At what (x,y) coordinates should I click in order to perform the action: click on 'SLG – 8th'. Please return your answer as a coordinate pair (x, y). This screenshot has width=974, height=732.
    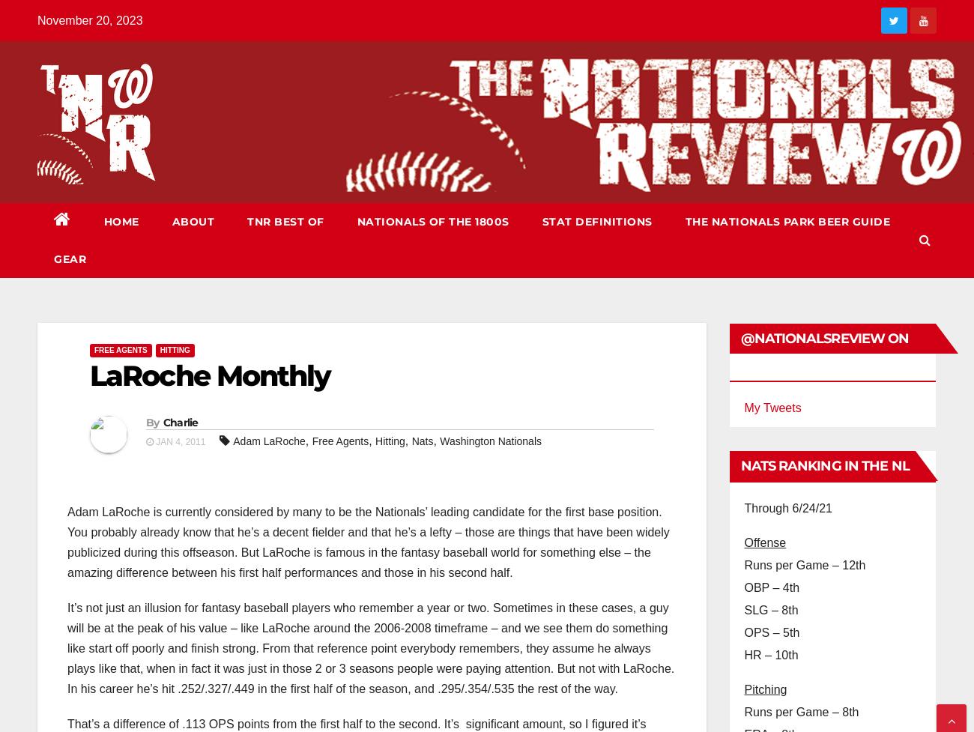
    Looking at the image, I should click on (769, 610).